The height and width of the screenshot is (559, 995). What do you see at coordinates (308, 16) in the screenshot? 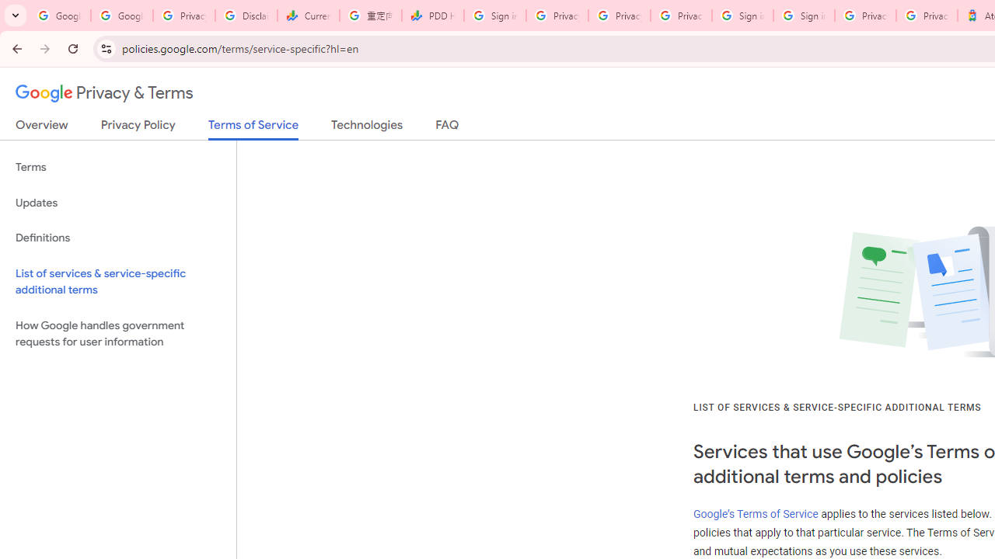
I see `'Currencies - Google Finance'` at bounding box center [308, 16].